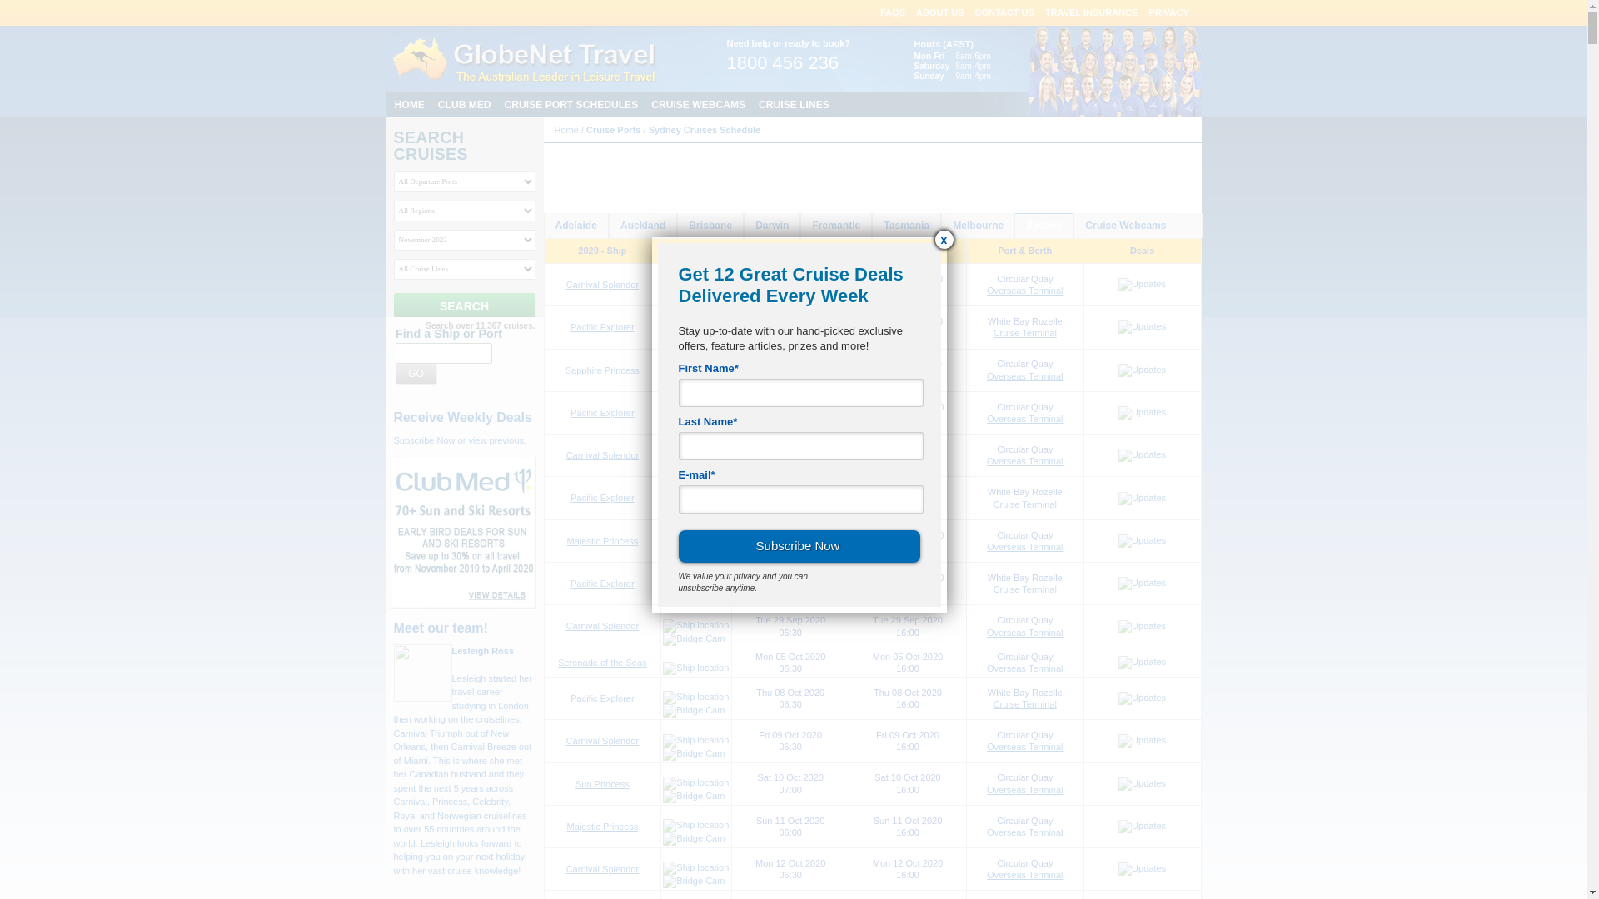 This screenshot has width=1599, height=899. Describe the element at coordinates (694, 553) in the screenshot. I see `'Bridge Cam'` at that location.